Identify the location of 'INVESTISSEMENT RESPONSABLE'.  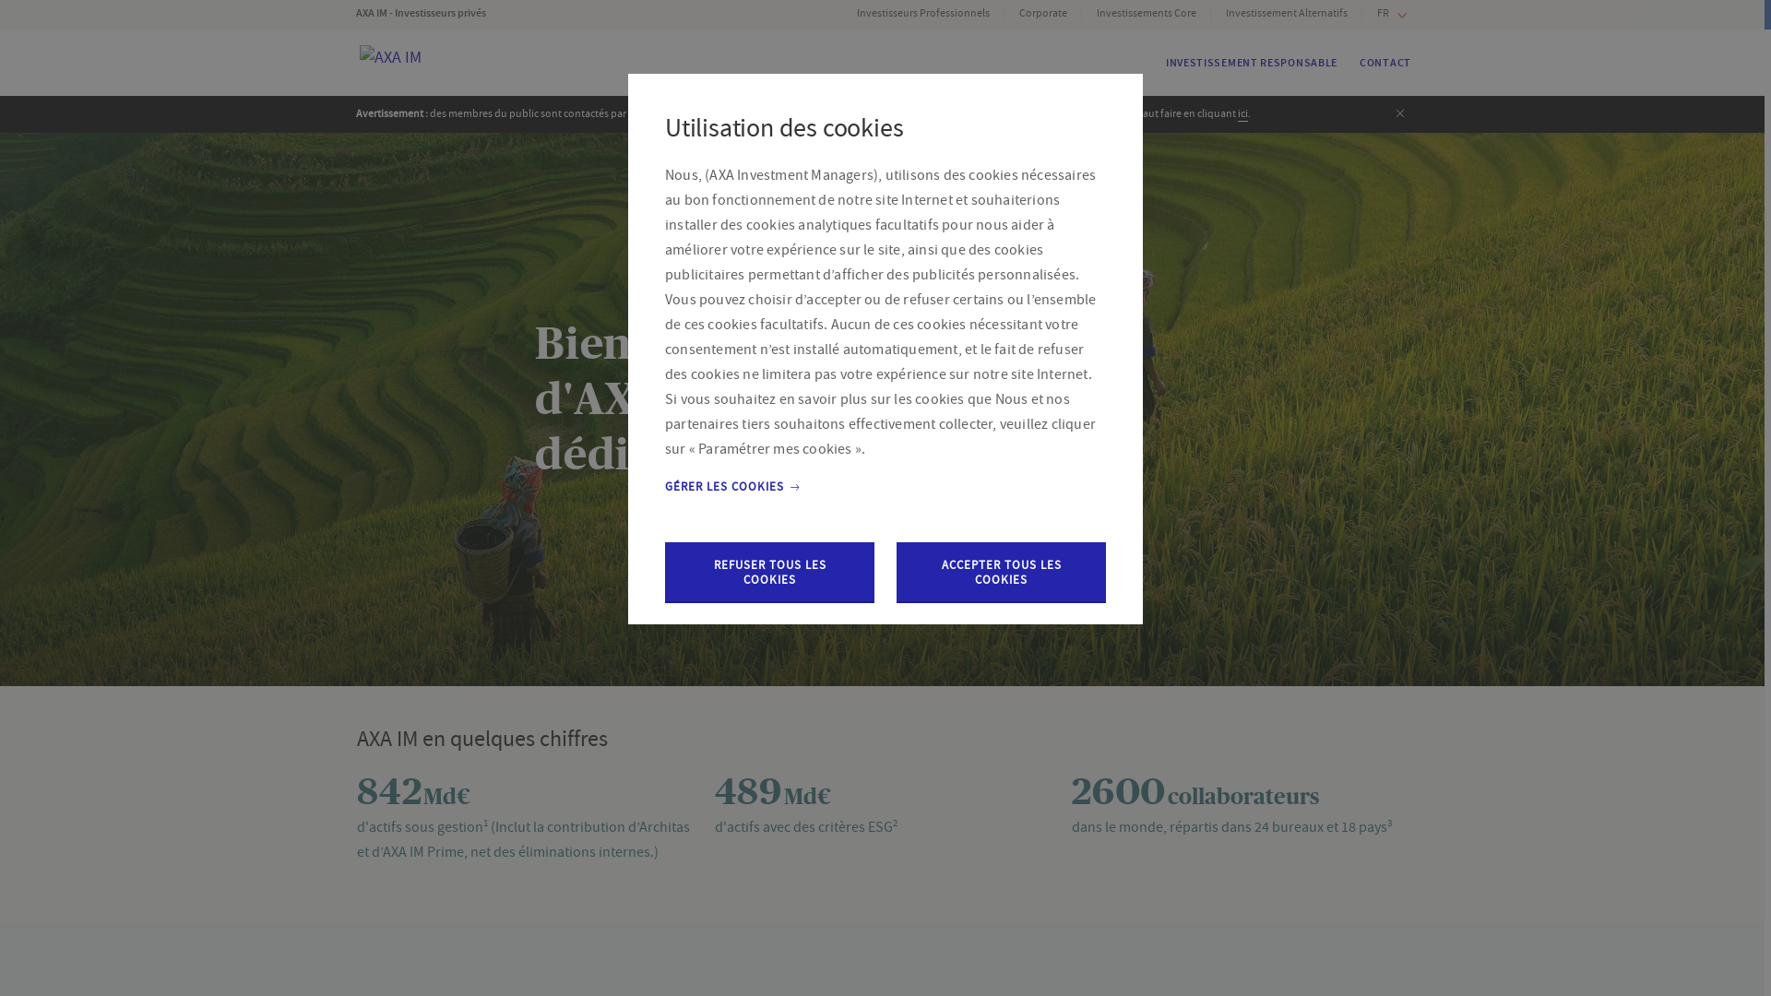
(1252, 62).